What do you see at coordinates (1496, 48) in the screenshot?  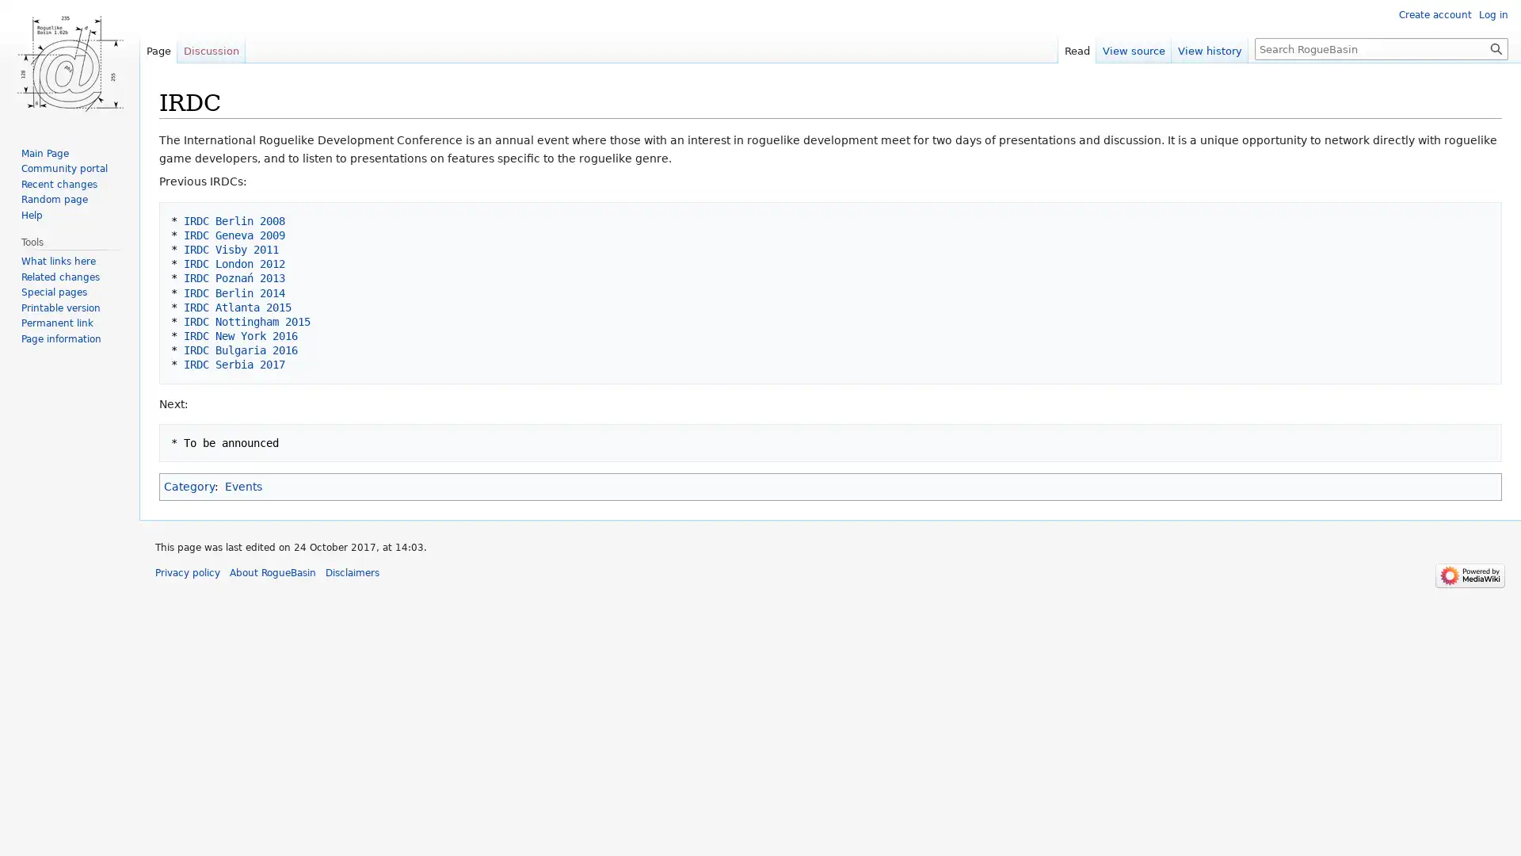 I see `Go` at bounding box center [1496, 48].